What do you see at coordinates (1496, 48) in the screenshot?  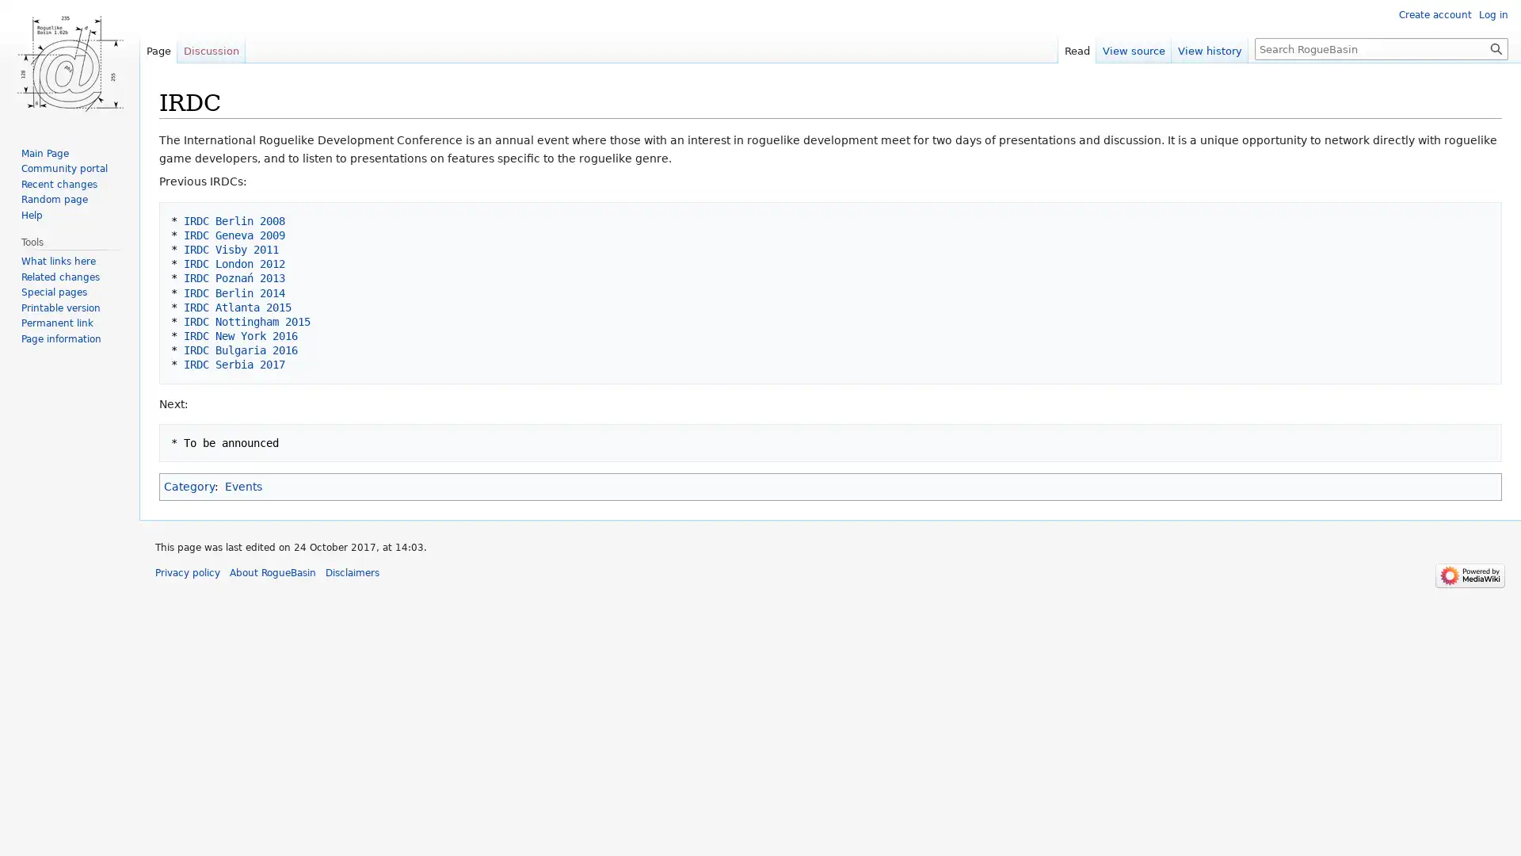 I see `Go` at bounding box center [1496, 48].